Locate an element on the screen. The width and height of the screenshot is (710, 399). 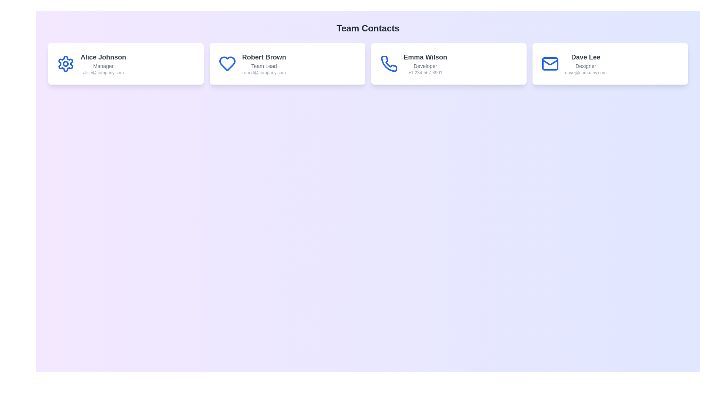
the text label displaying the email address 'robert@company.com' is located at coordinates (264, 72).